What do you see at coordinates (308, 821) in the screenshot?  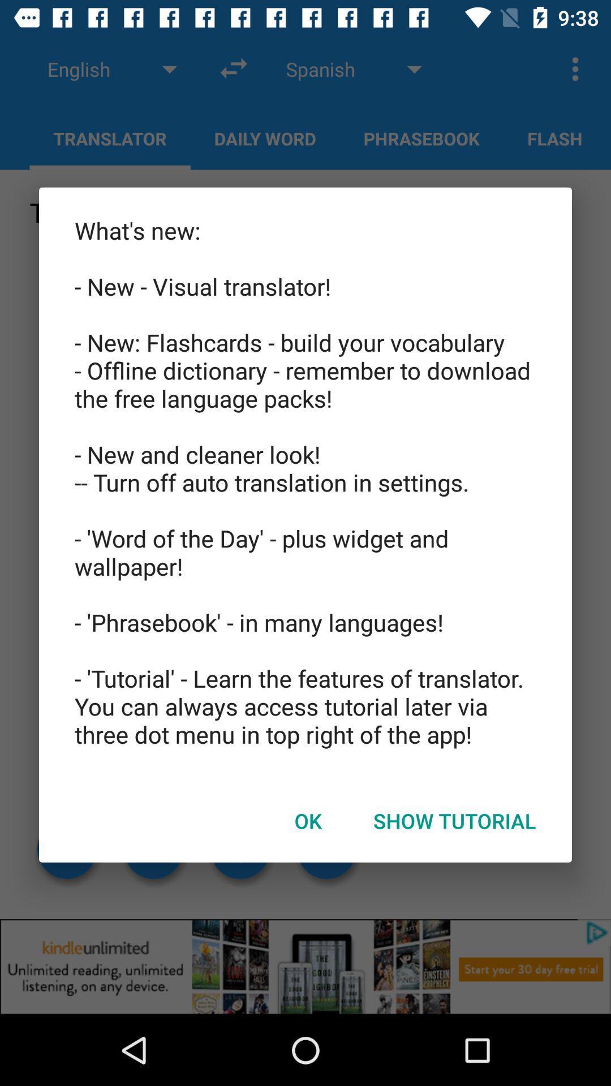 I see `icon below what s new` at bounding box center [308, 821].